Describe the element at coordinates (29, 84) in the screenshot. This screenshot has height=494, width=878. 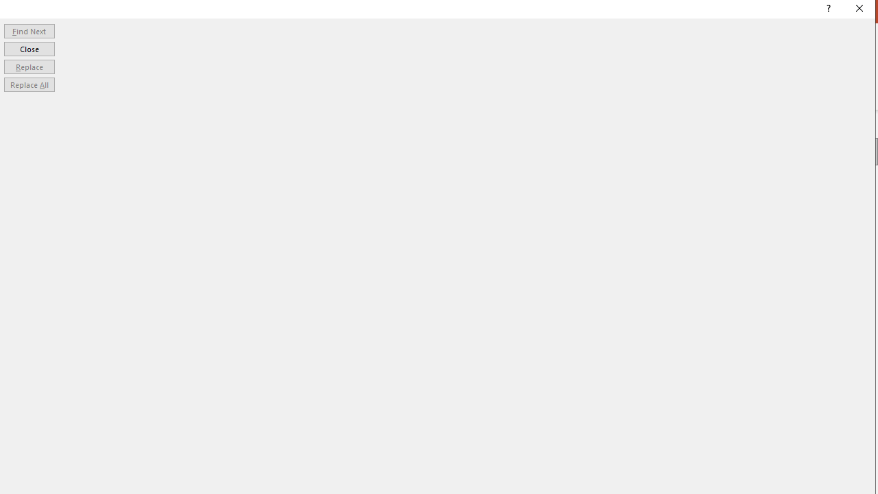
I see `'Replace All'` at that location.